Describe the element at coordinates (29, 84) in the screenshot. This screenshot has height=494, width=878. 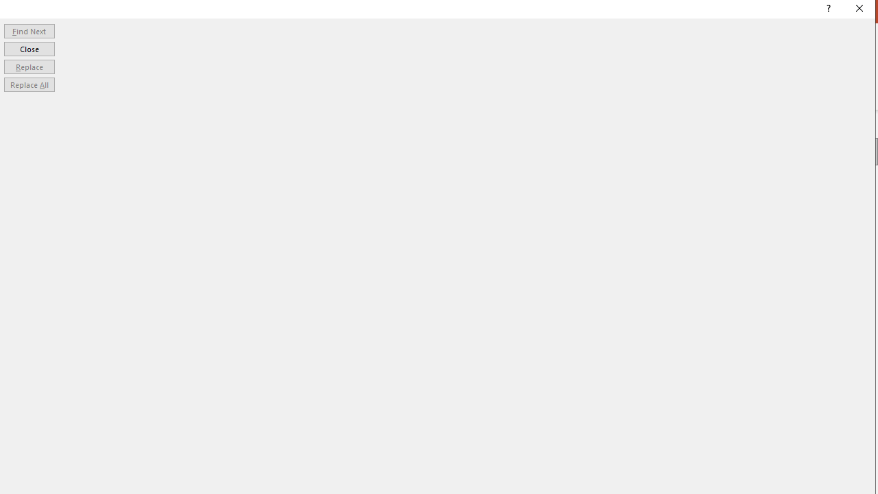
I see `'Replace All'` at that location.